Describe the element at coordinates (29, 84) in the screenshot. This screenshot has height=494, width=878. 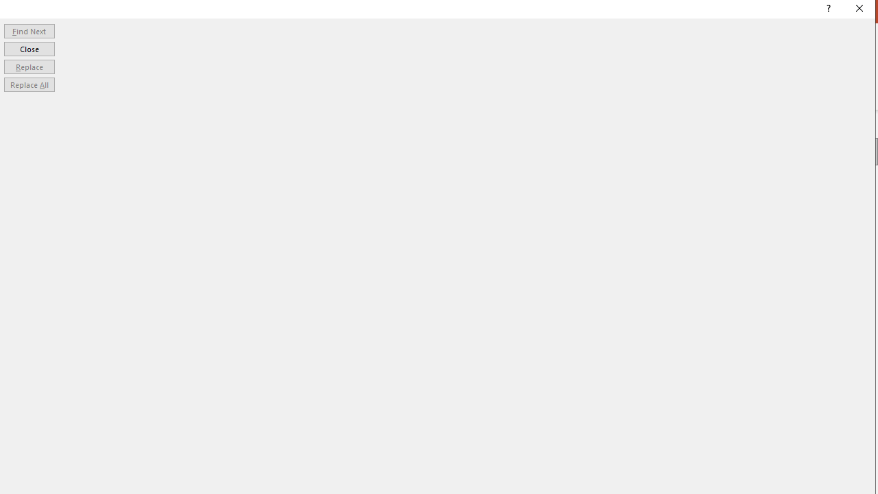
I see `'Replace All'` at that location.